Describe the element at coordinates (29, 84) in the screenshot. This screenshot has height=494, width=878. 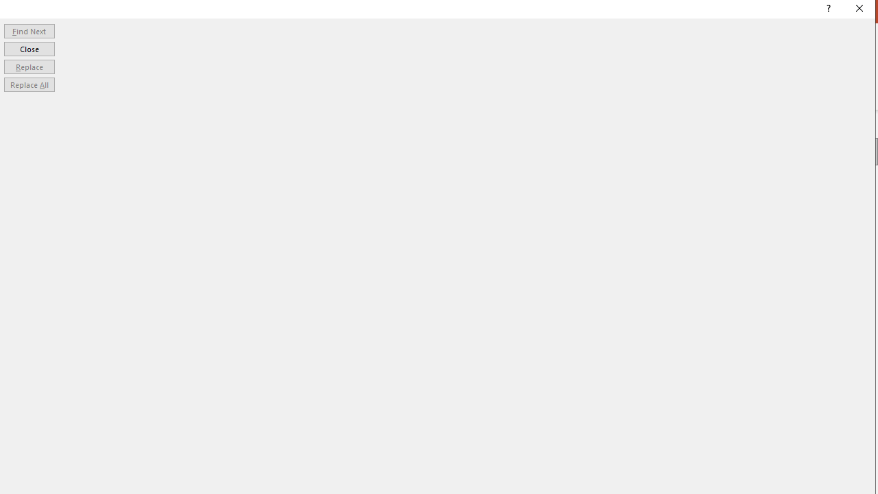
I see `'Replace All'` at that location.